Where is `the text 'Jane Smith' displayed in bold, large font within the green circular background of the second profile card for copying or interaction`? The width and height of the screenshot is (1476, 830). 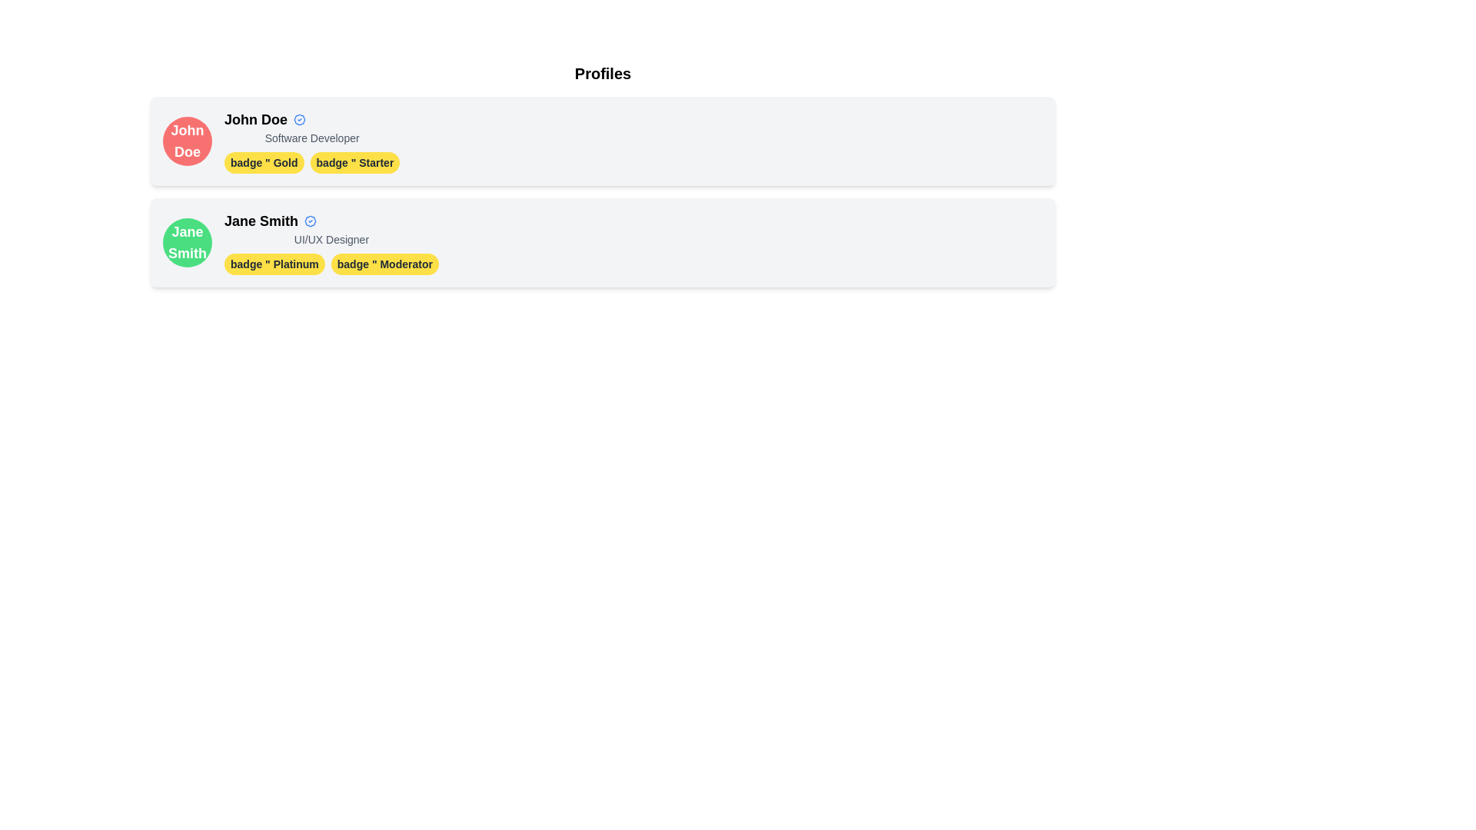
the text 'Jane Smith' displayed in bold, large font within the green circular background of the second profile card for copying or interaction is located at coordinates (187, 242).